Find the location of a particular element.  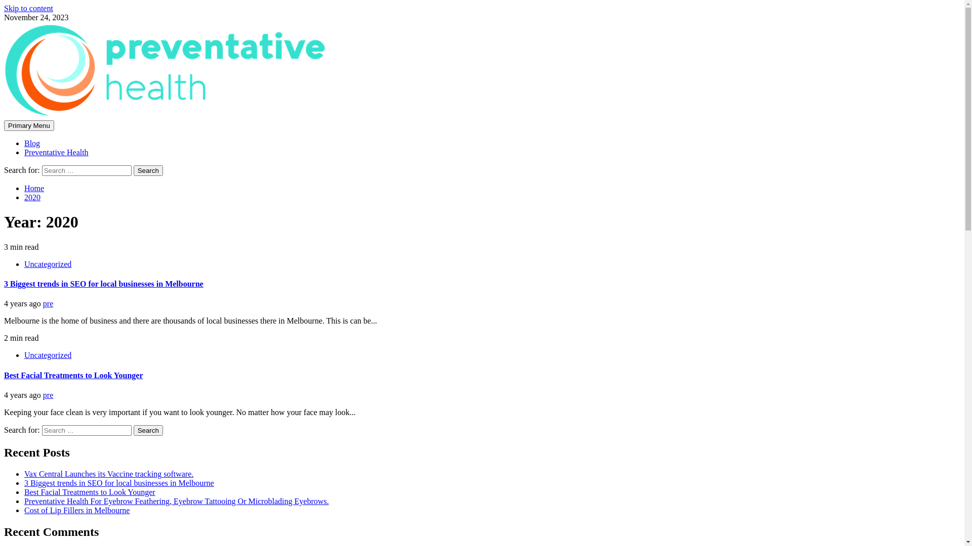

'Blog' is located at coordinates (32, 143).